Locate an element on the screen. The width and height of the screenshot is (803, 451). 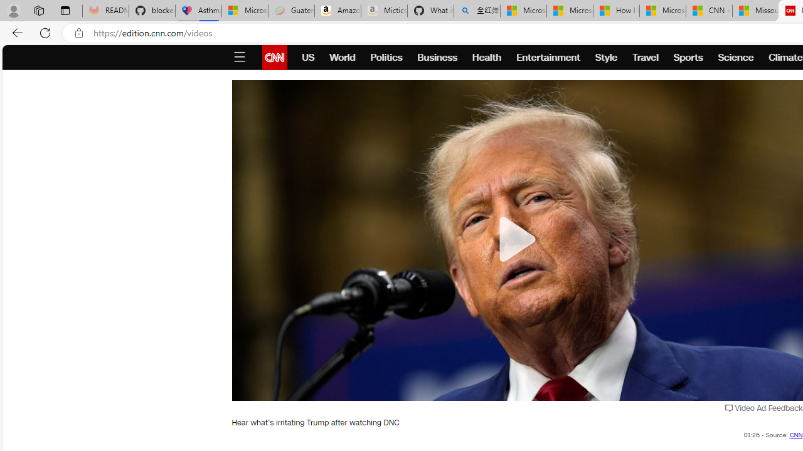
'World' is located at coordinates (342, 58).